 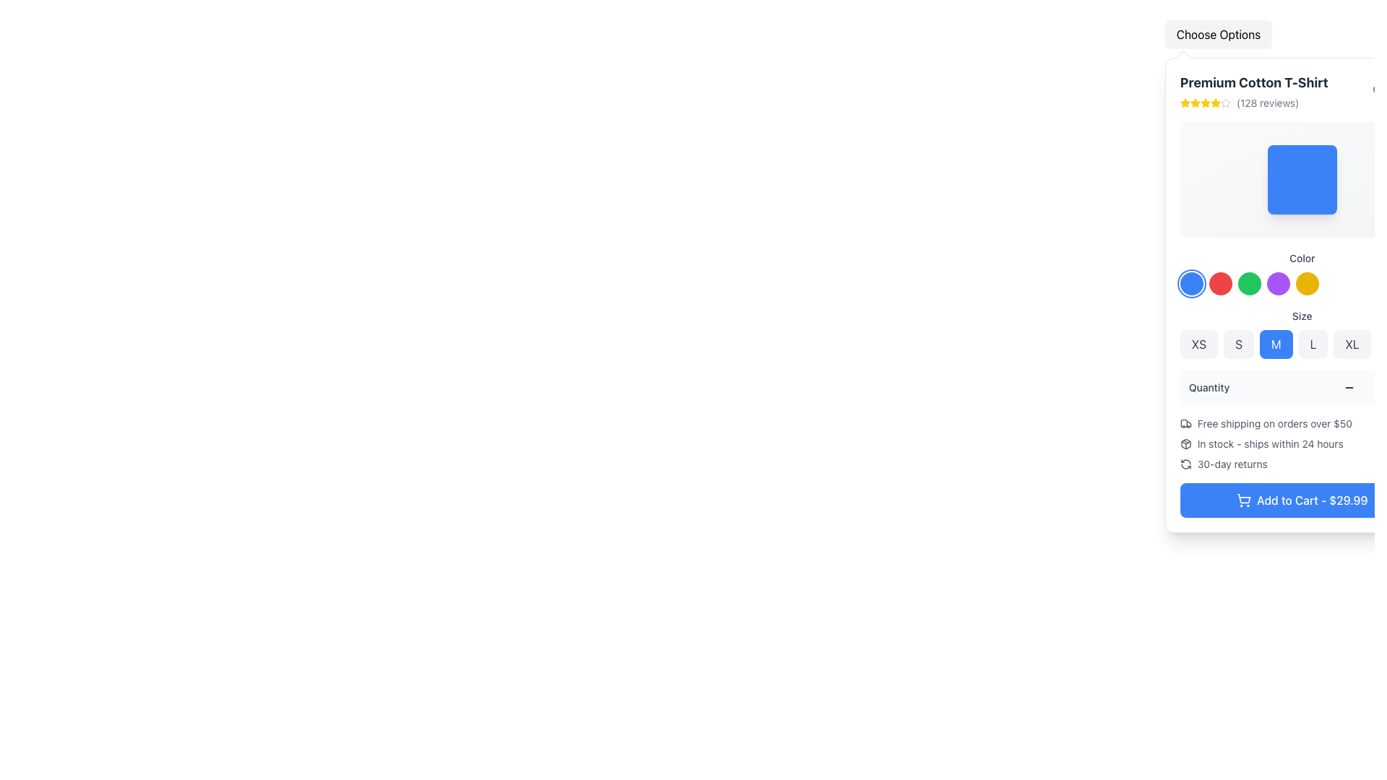 What do you see at coordinates (1313, 344) in the screenshot?
I see `'L' size button, which is the fourth button in a row of size selection buttons located under the 'Size' label on the right-hand side of the user interface` at bounding box center [1313, 344].